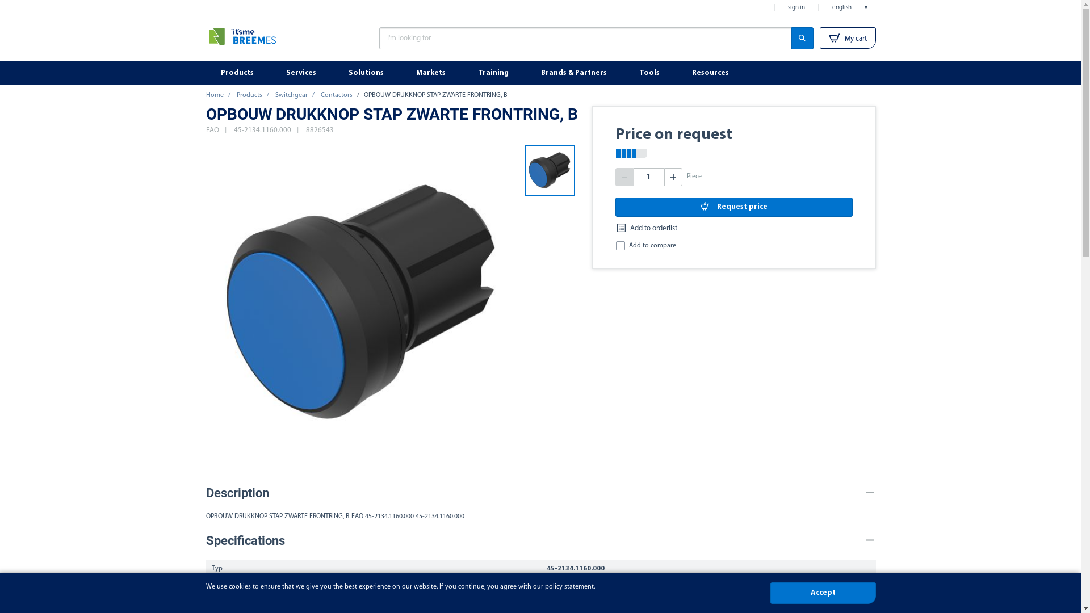  What do you see at coordinates (259, 40) in the screenshot?
I see `'Breemes'` at bounding box center [259, 40].